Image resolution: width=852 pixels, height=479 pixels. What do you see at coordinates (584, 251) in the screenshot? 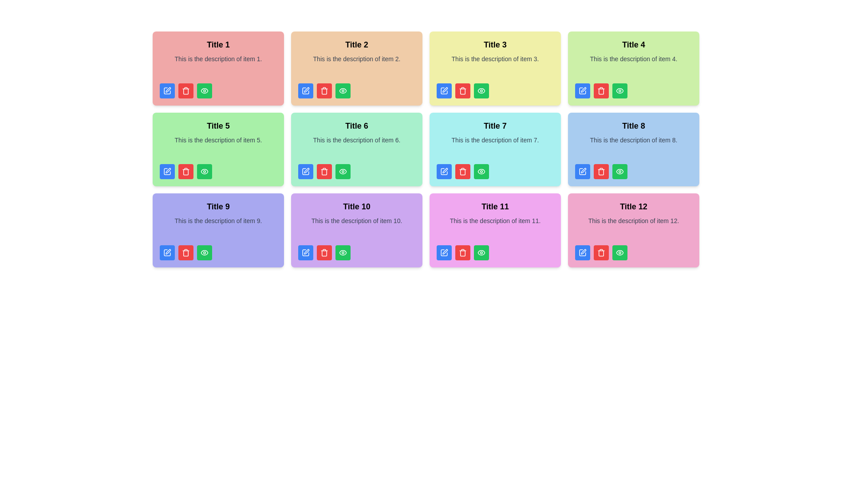
I see `the edit icon button located in the lower-right corner of the card labeled 'Title 12', which allows users to modify the card's details` at bounding box center [584, 251].